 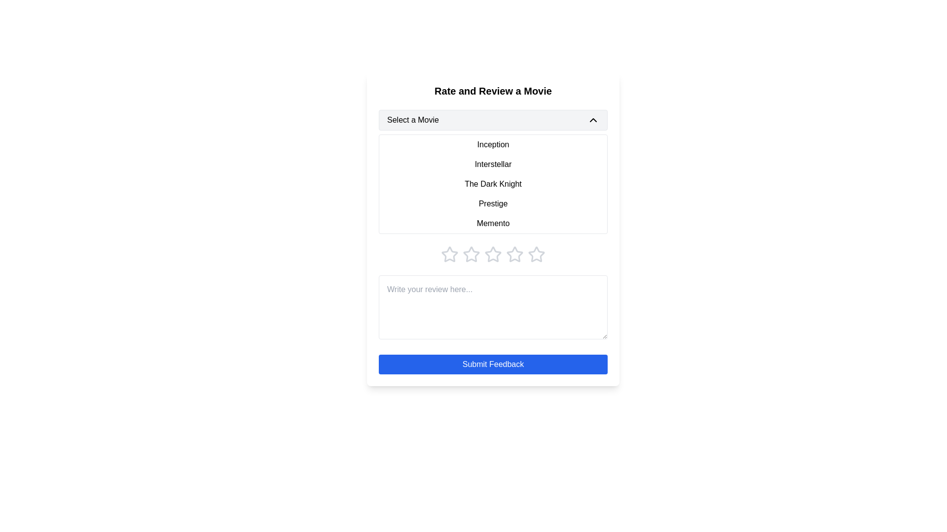 What do you see at coordinates (449, 254) in the screenshot?
I see `the first star icon from the left in the rating system` at bounding box center [449, 254].